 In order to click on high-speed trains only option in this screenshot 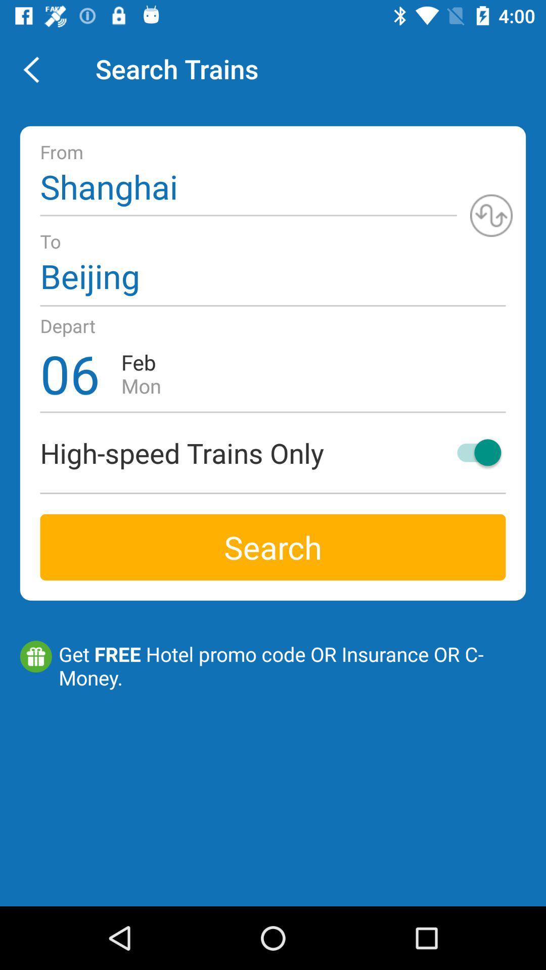, I will do `click(474, 452)`.